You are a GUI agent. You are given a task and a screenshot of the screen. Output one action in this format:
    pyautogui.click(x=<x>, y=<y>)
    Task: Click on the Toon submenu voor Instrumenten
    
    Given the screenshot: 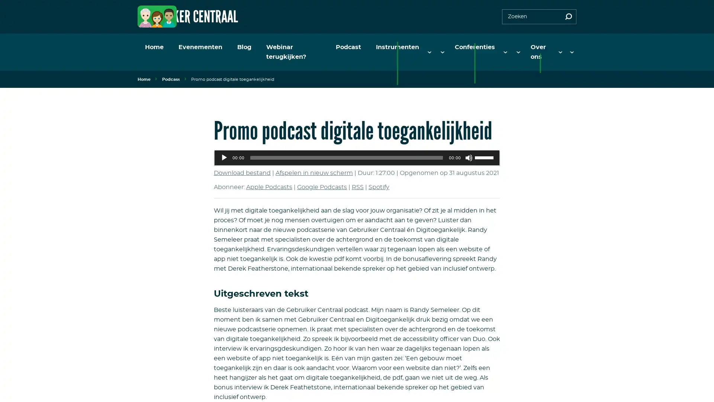 What is the action you would take?
    pyautogui.click(x=444, y=47)
    